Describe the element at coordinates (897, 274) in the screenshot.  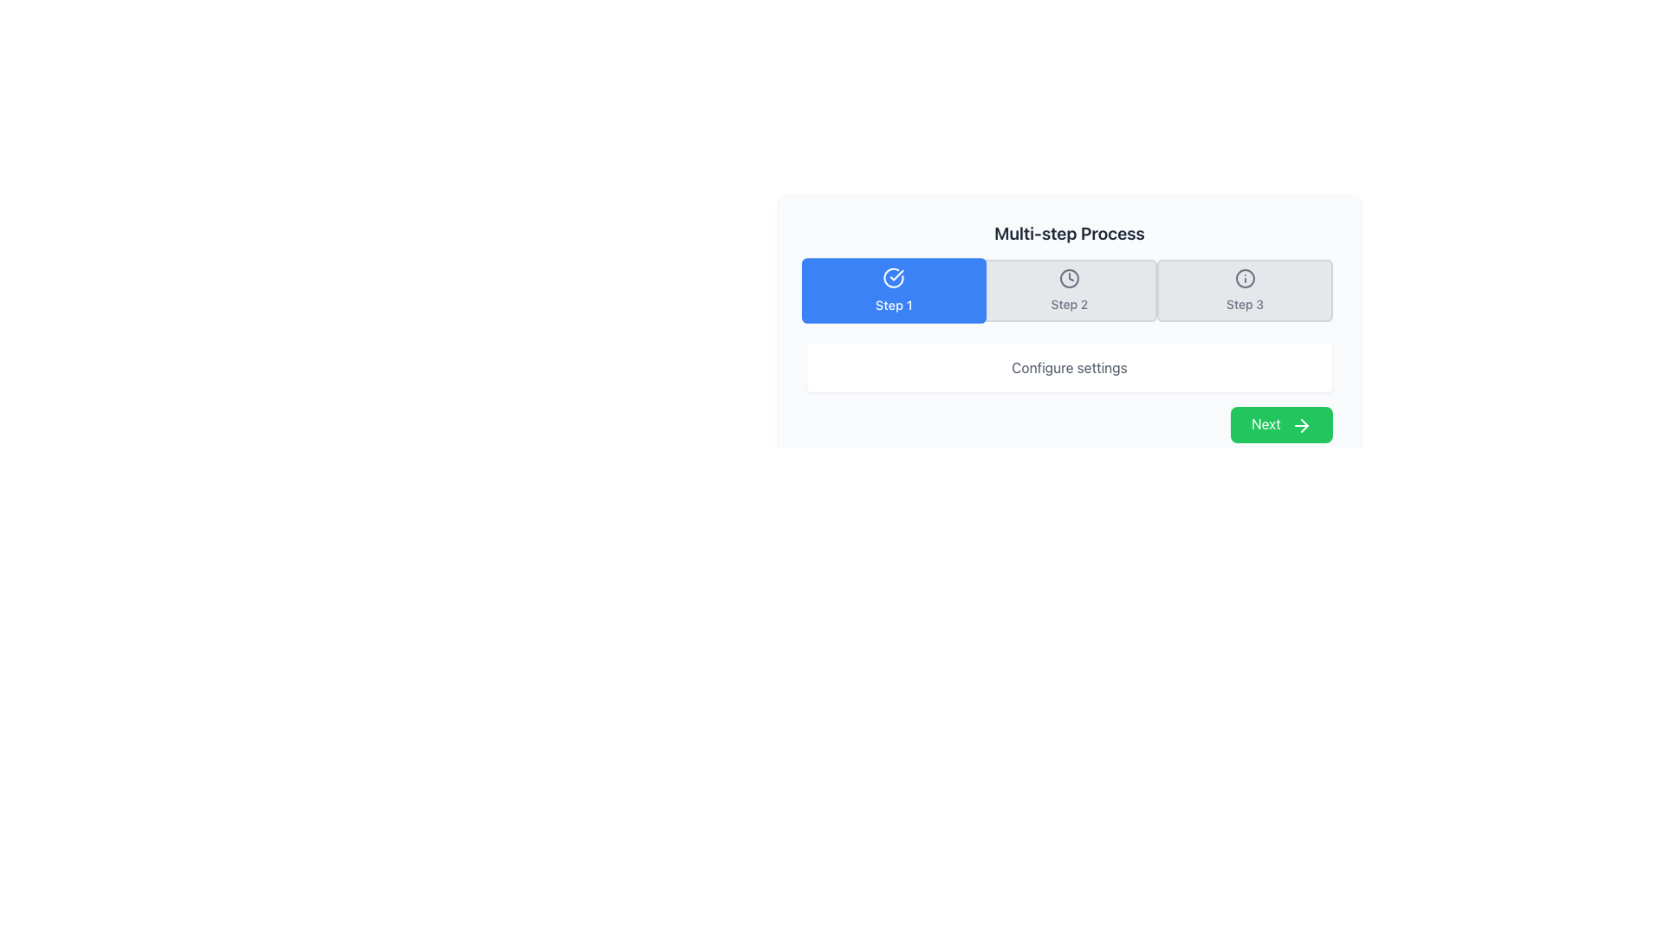
I see `the completion icon located next to the text label 'Step 1', which indicates success for the associated step in the process` at that location.